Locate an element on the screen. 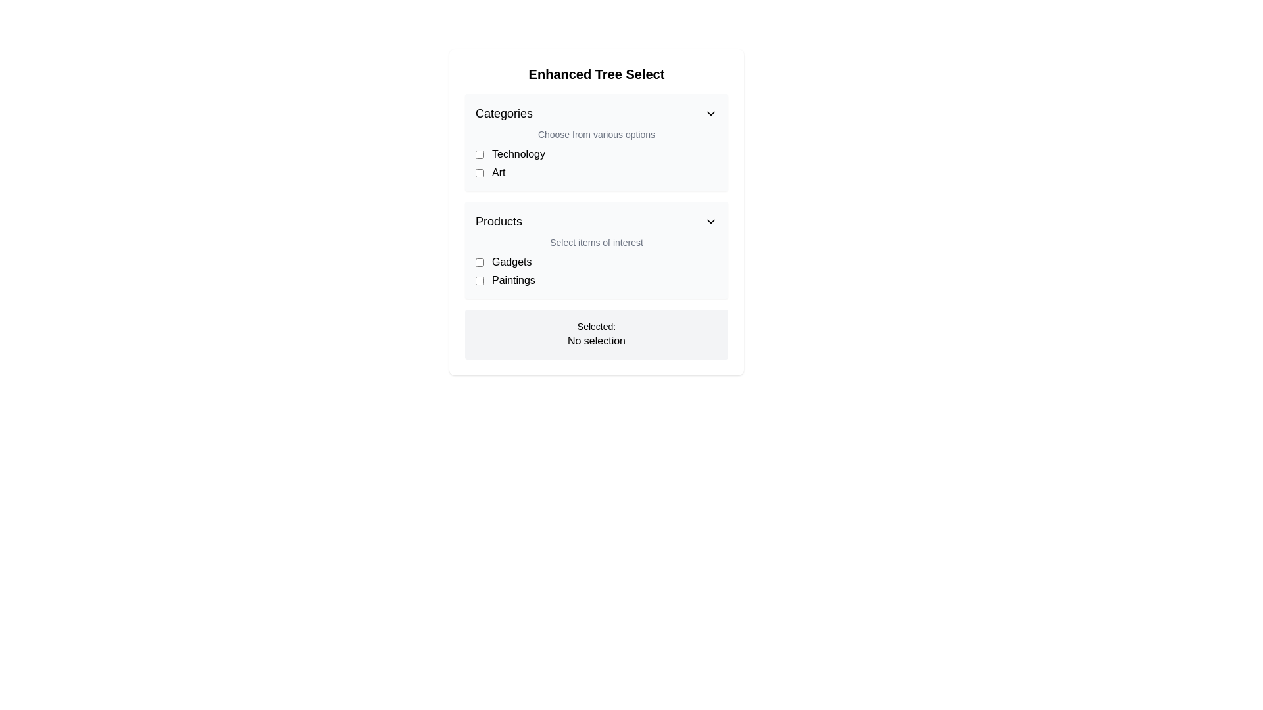  the Chevron icon located to the right of the 'Categories' label is located at coordinates (710, 113).